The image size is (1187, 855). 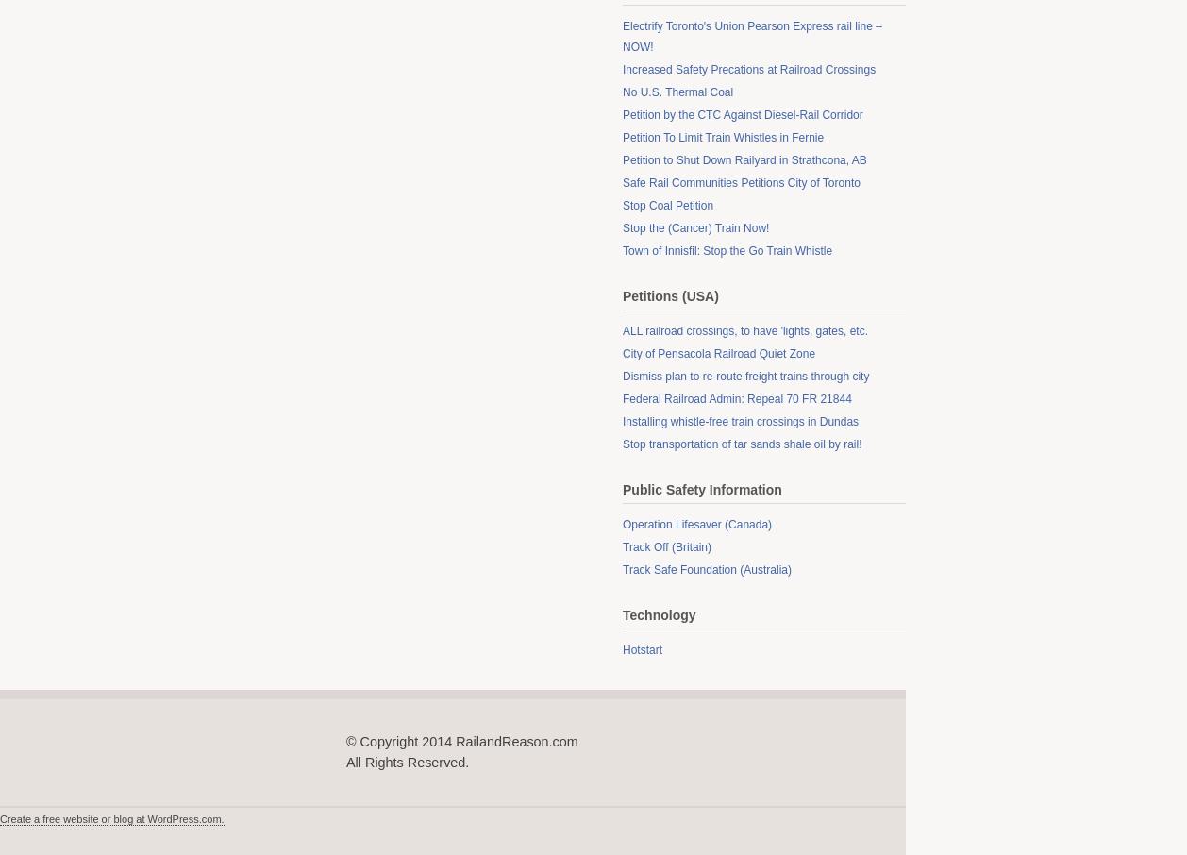 What do you see at coordinates (668, 204) in the screenshot?
I see `'Stop Coal Petition'` at bounding box center [668, 204].